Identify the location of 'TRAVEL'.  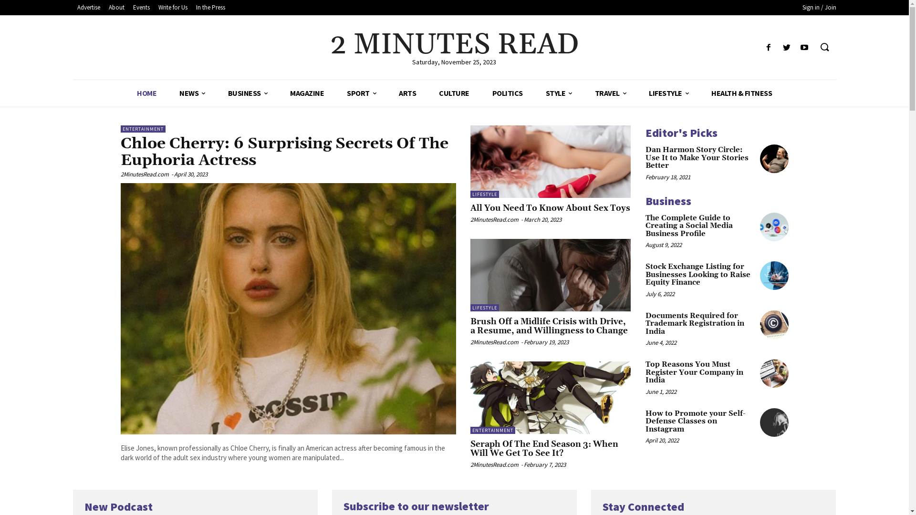
(609, 93).